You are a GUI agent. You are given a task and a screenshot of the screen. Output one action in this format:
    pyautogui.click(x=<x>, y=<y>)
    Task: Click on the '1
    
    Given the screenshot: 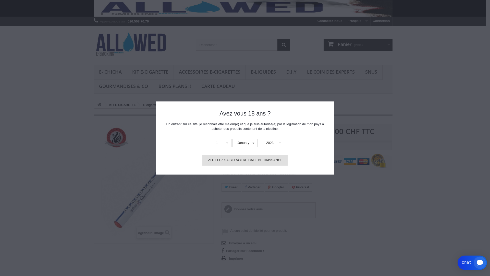 What is the action you would take?
    pyautogui.click(x=219, y=143)
    